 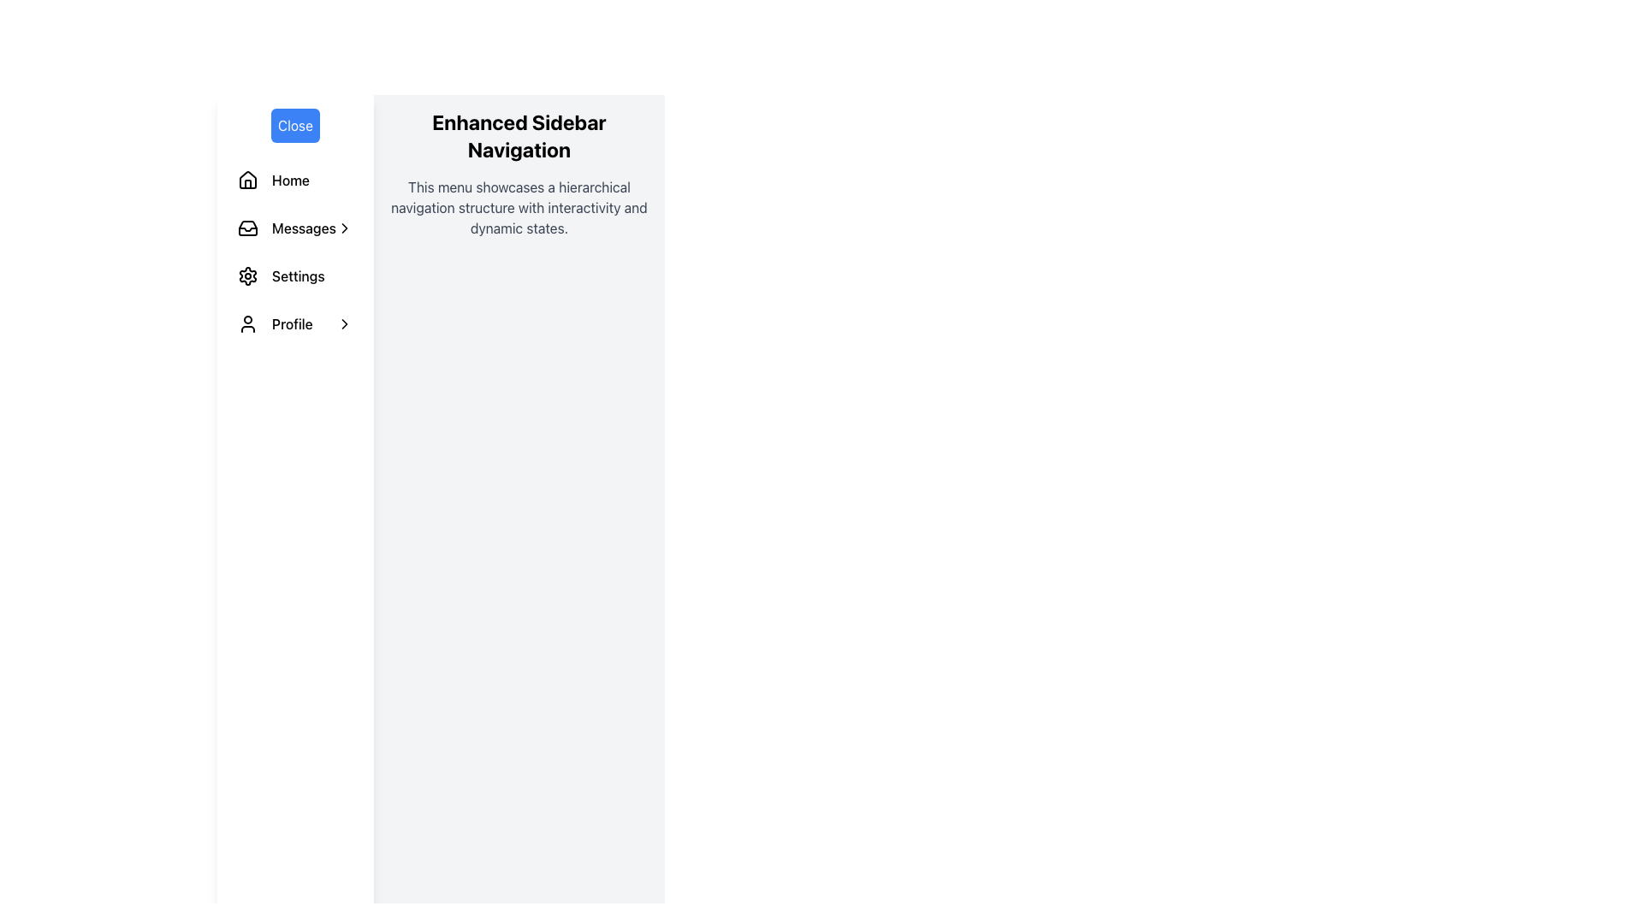 What do you see at coordinates (343, 227) in the screenshot?
I see `the right-pointing chevron icon located on the far-right side of the 'Messages' navigation item in the sidebar` at bounding box center [343, 227].